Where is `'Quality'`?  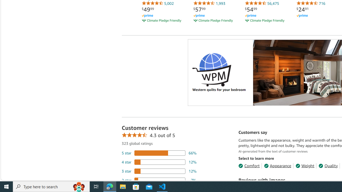
'Quality' is located at coordinates (328, 165).